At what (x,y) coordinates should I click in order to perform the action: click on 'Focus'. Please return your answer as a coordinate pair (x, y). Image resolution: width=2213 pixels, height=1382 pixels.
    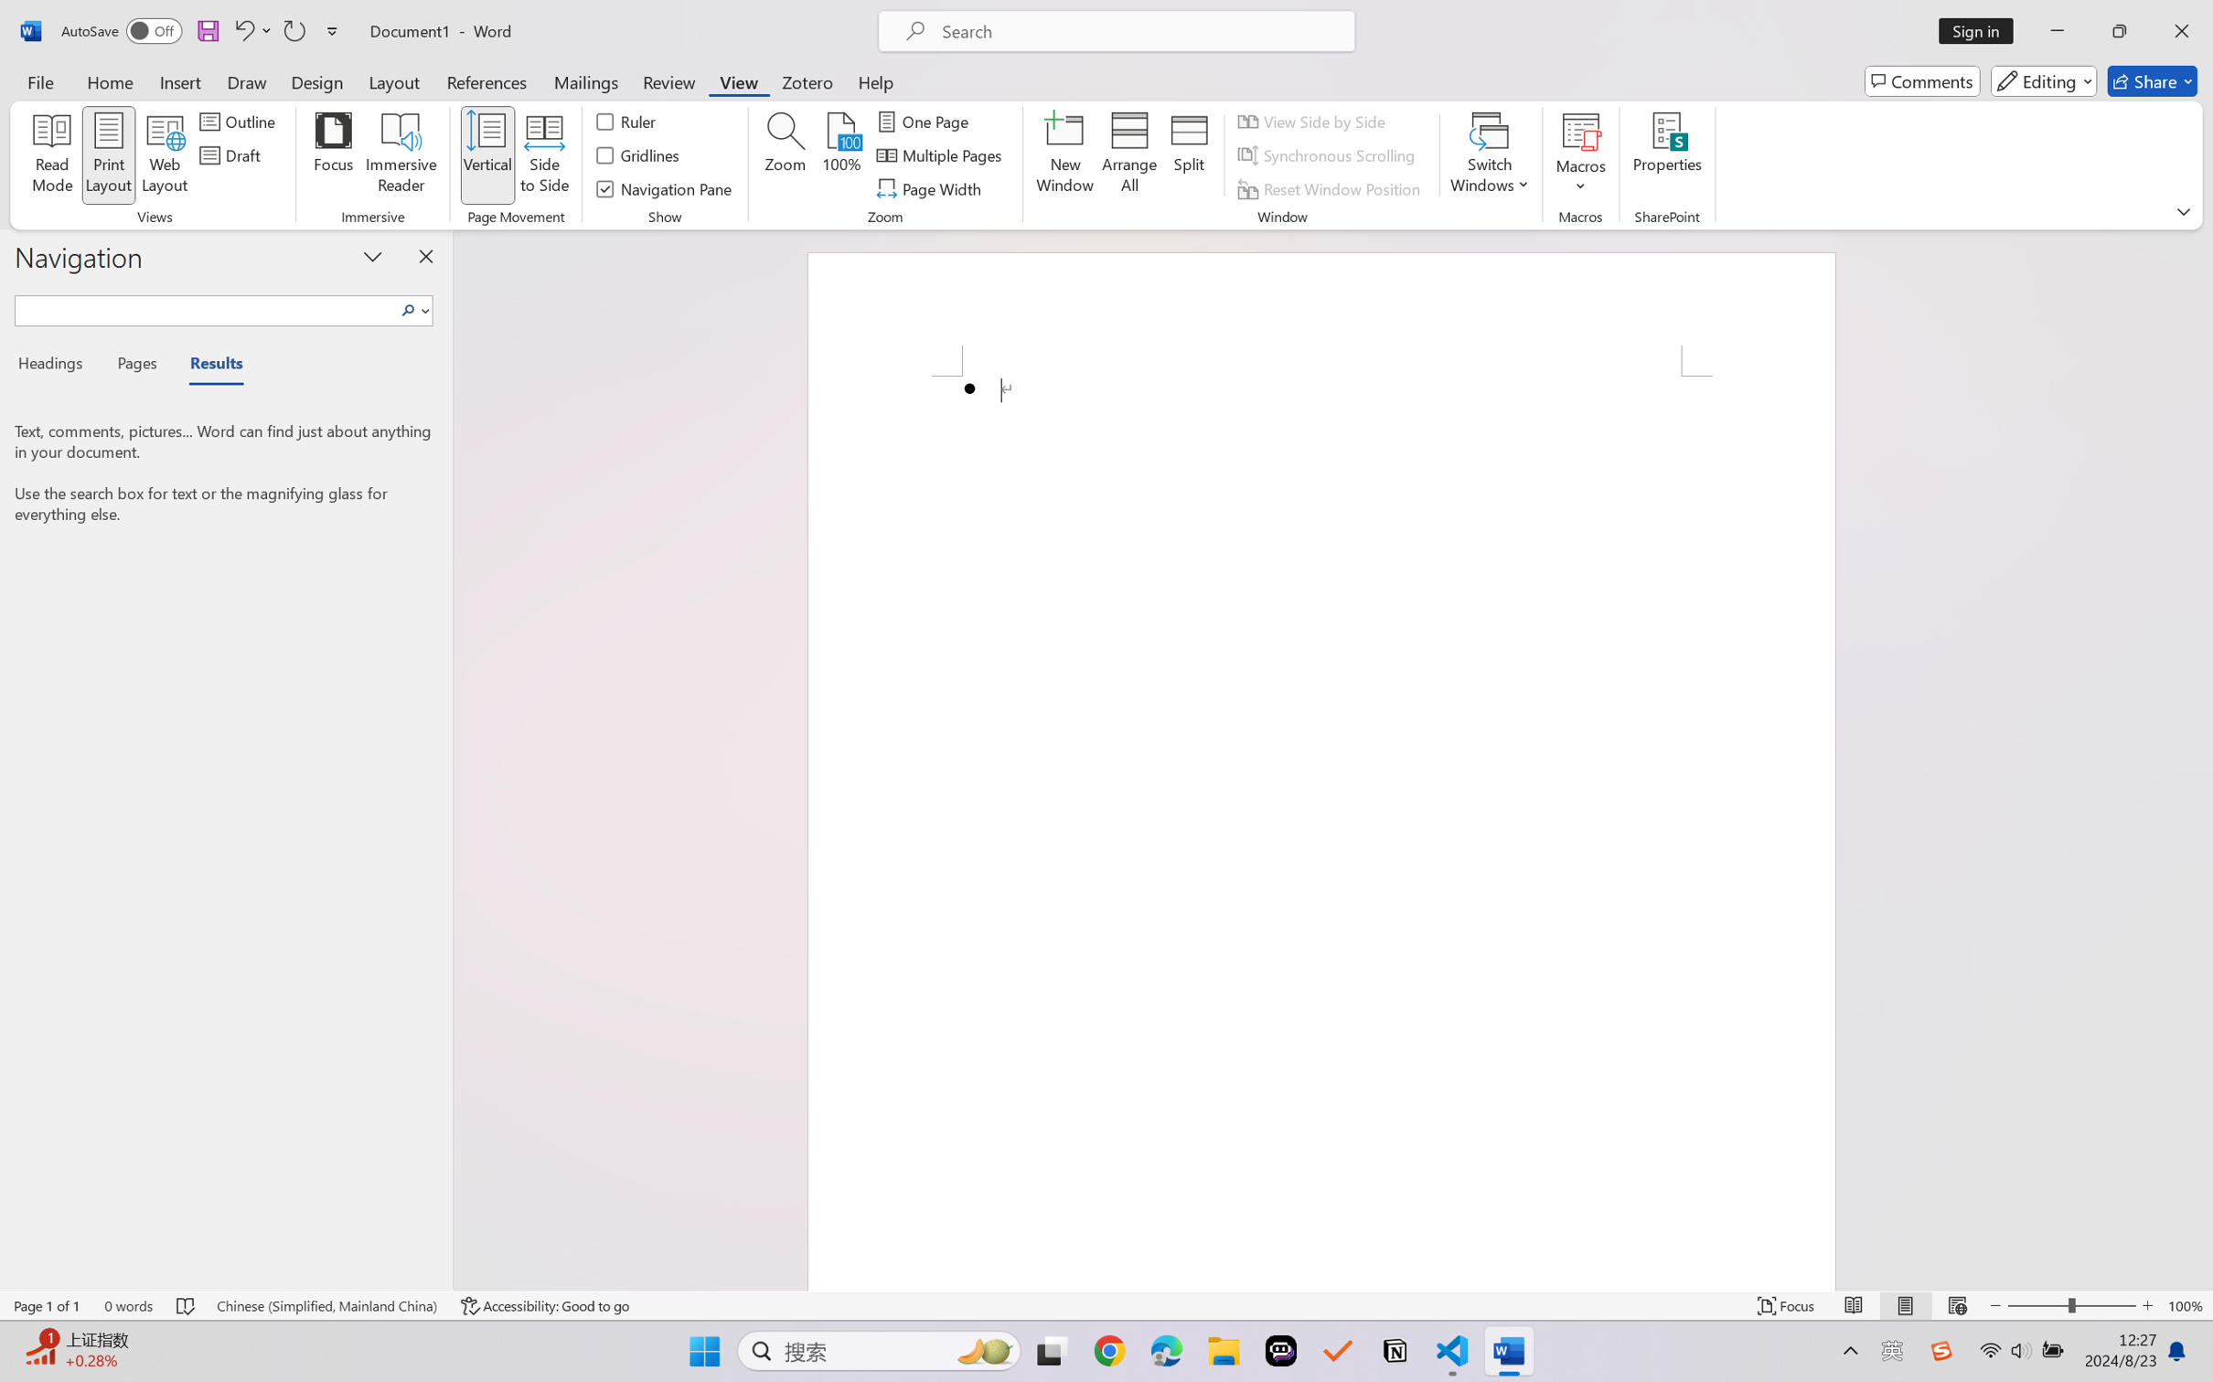
    Looking at the image, I should click on (333, 155).